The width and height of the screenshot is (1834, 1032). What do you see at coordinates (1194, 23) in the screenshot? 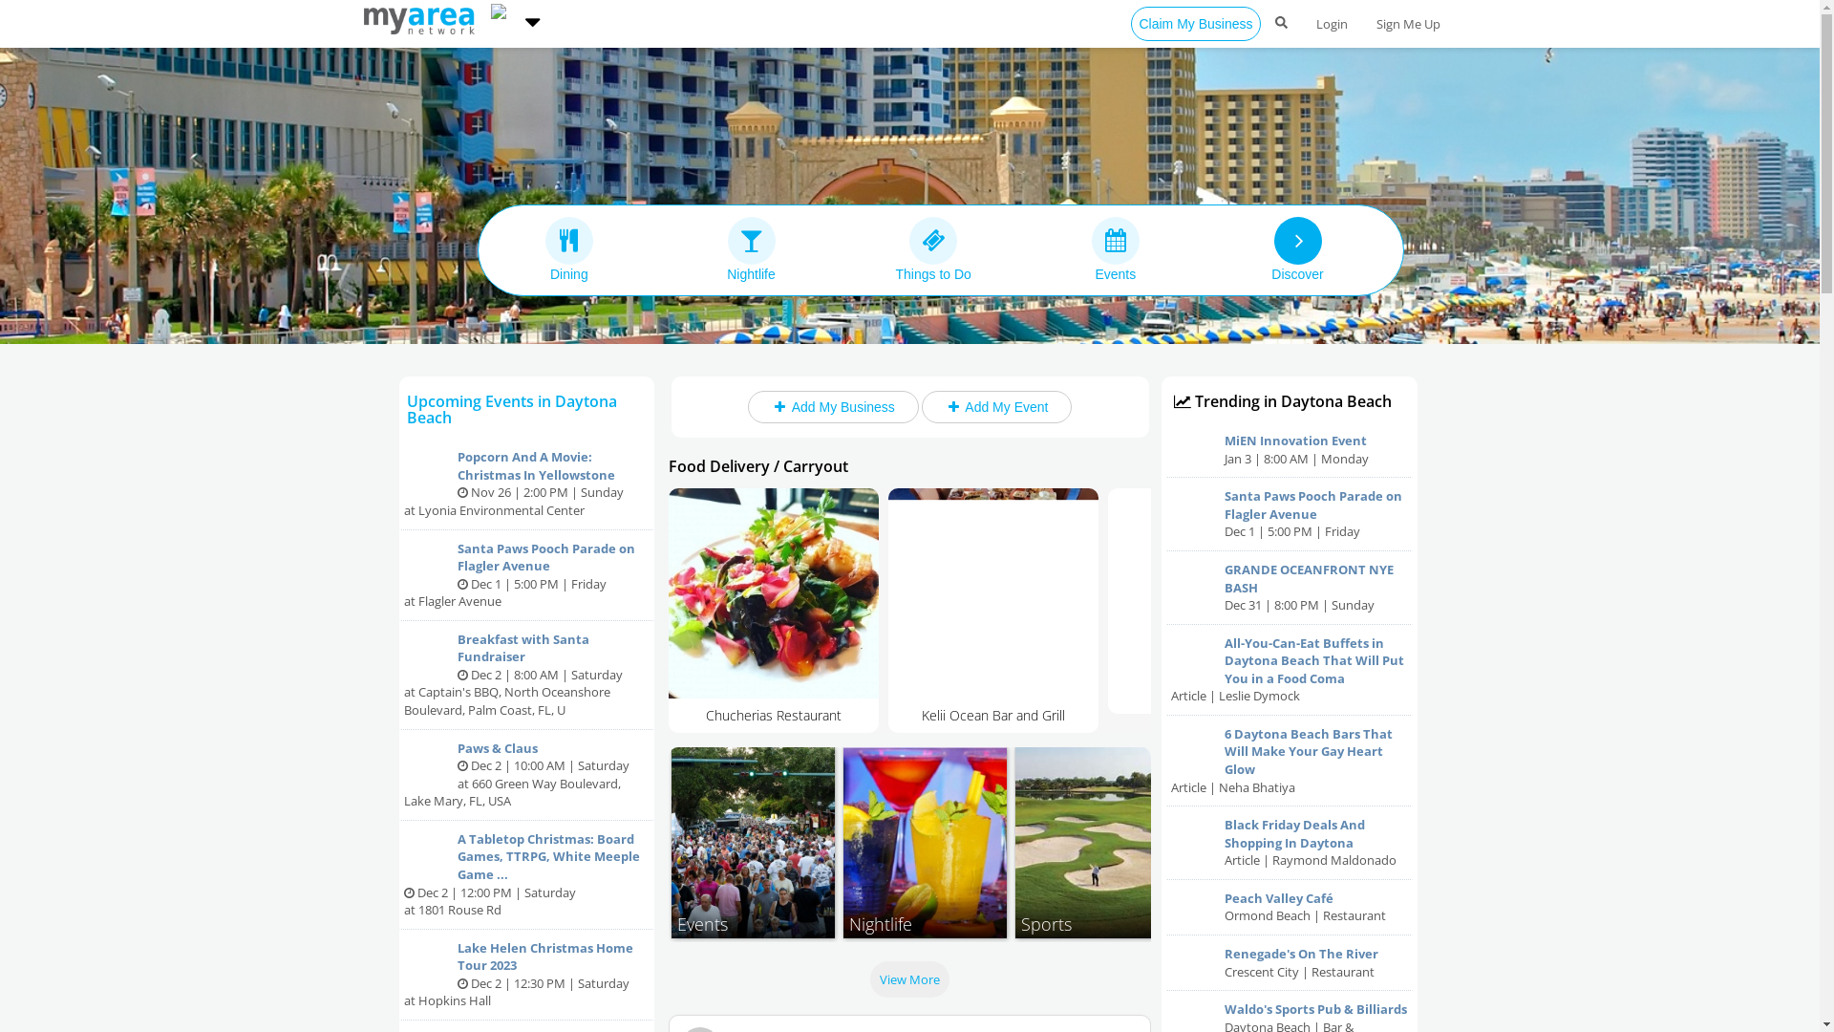
I see `'Claim My Business'` at bounding box center [1194, 23].